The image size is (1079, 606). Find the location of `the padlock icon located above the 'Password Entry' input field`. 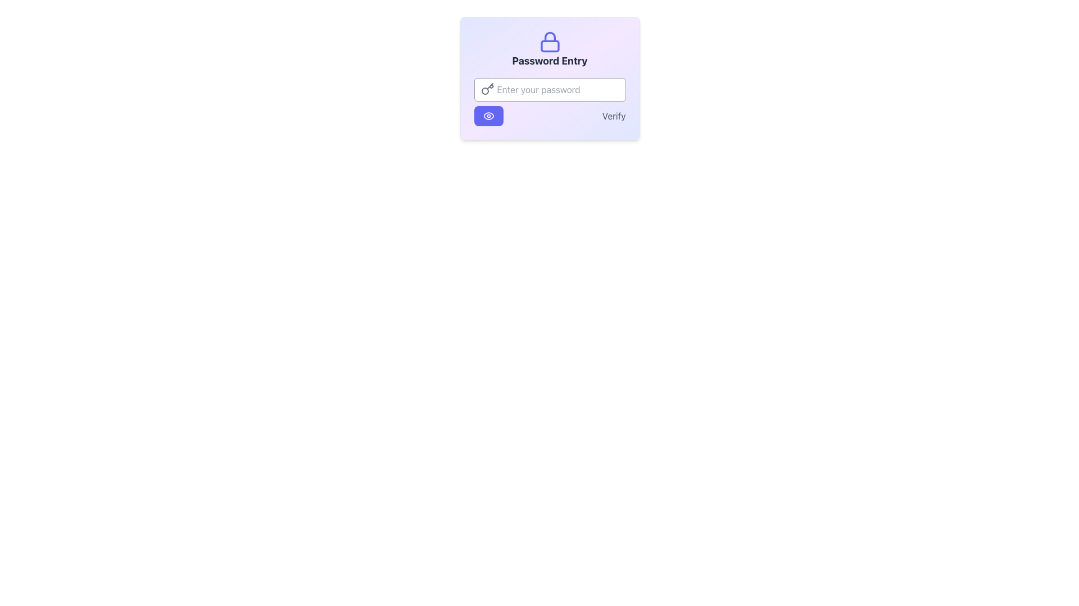

the padlock icon located above the 'Password Entry' input field is located at coordinates (550, 41).